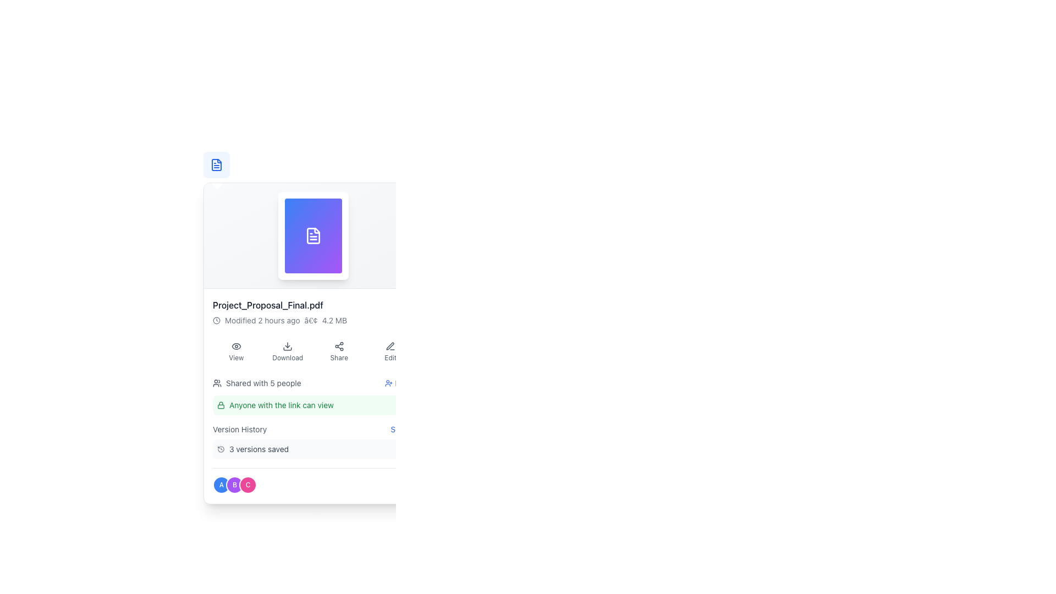 This screenshot has height=594, width=1056. Describe the element at coordinates (221, 405) in the screenshot. I see `the lock icon with a green outline located to the left of the text 'Anyone with the link can view'` at that location.